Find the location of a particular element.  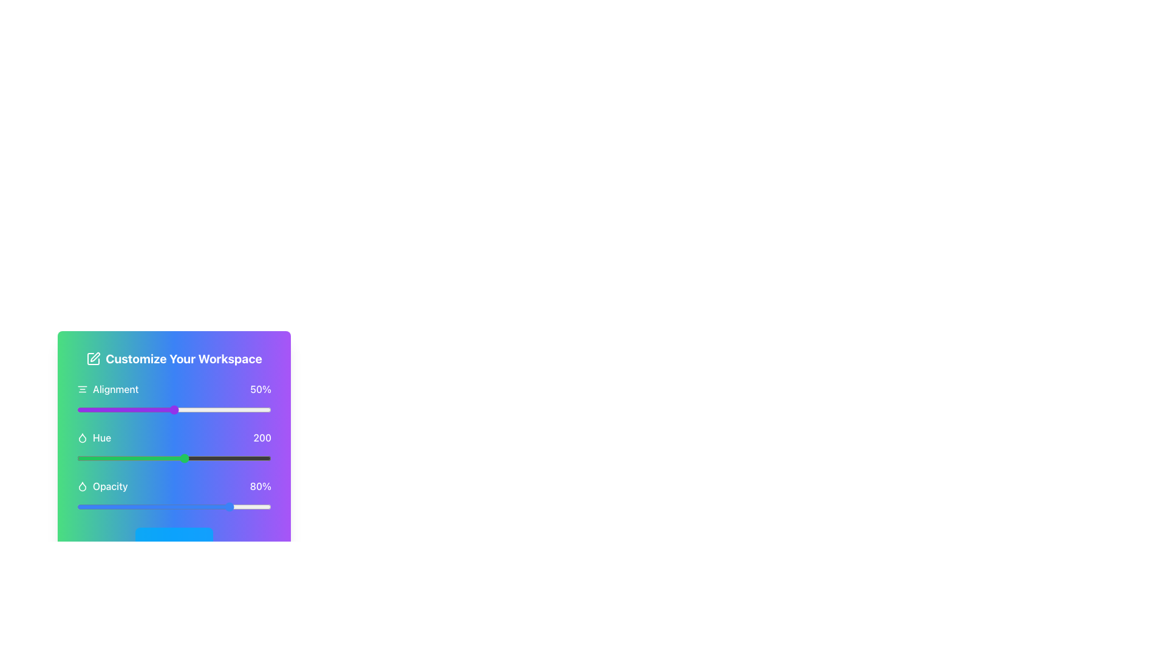

hue is located at coordinates (101, 458).